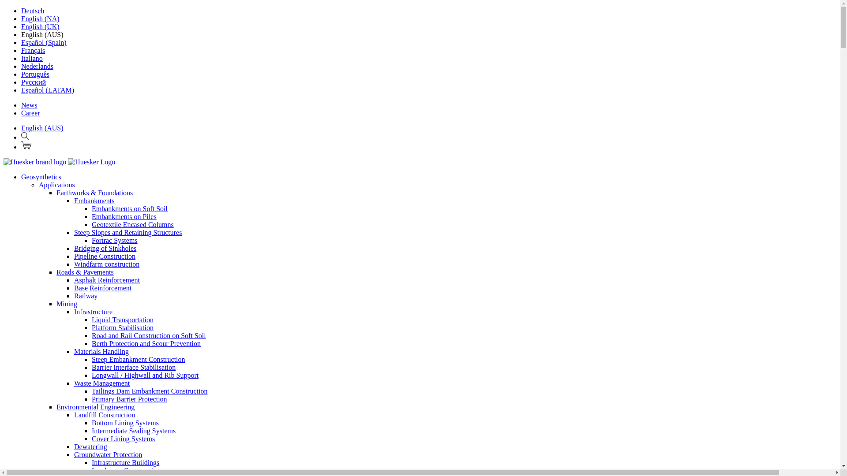 Image resolution: width=847 pixels, height=476 pixels. What do you see at coordinates (138, 359) in the screenshot?
I see `'Steep Embankment Construction'` at bounding box center [138, 359].